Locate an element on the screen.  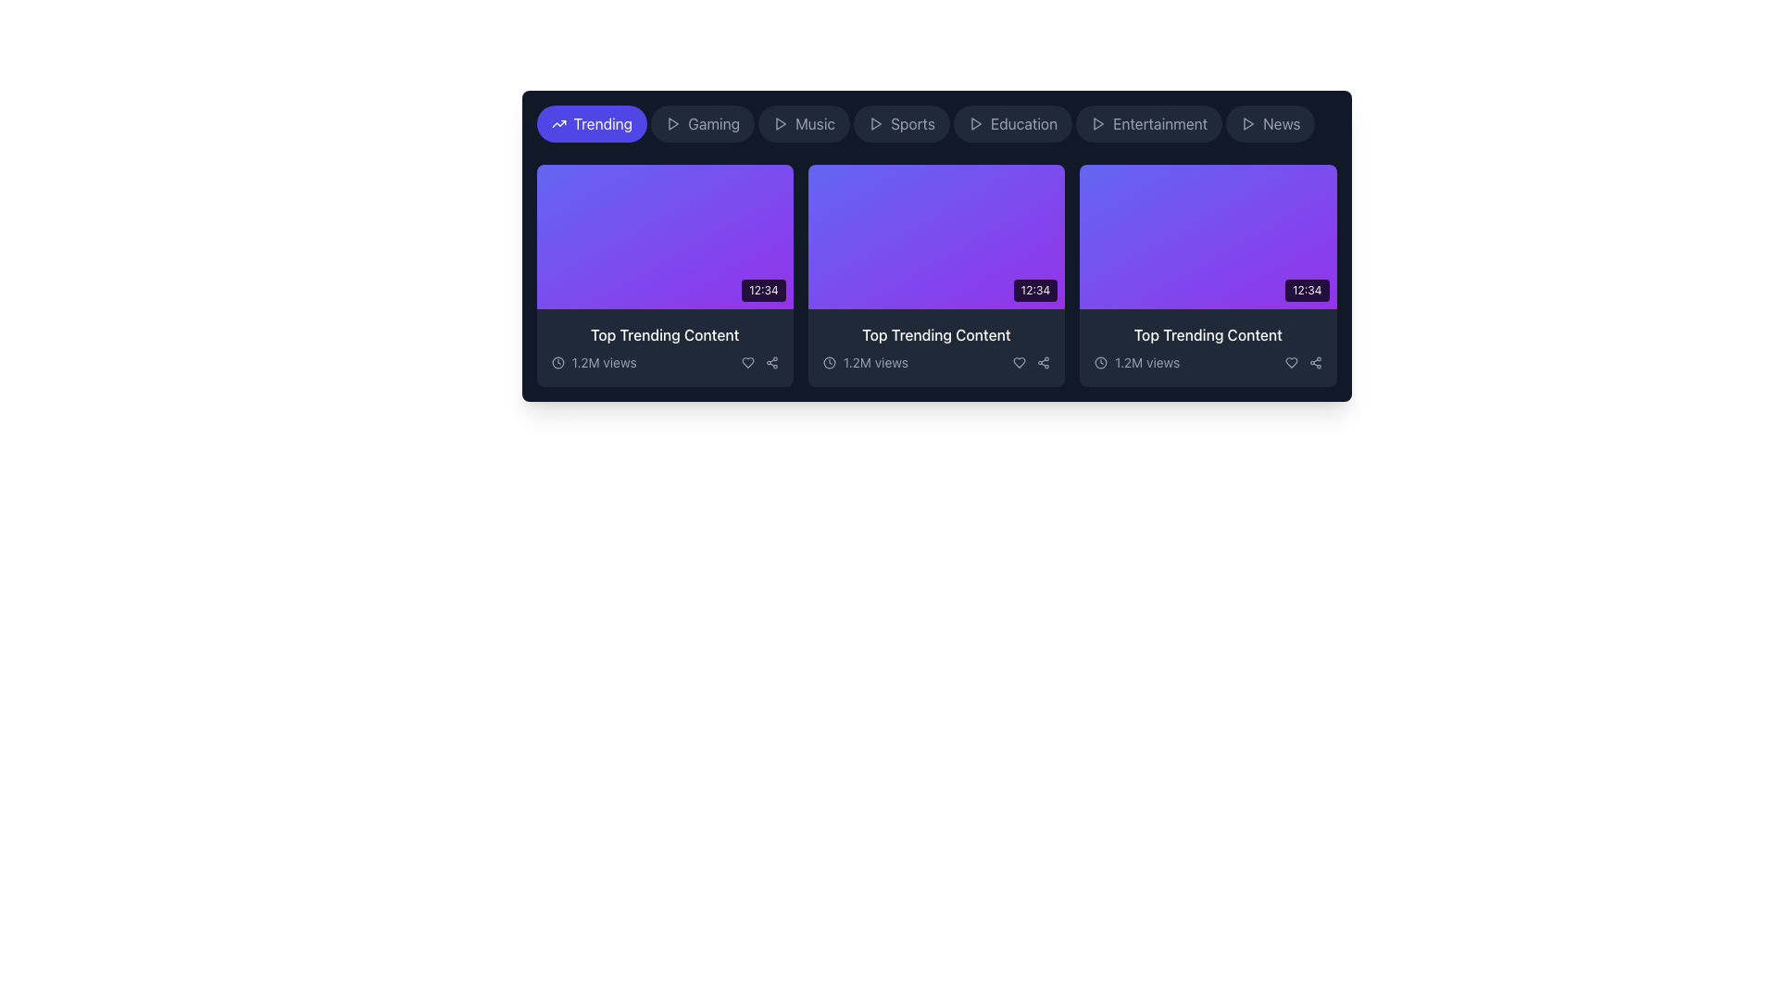
the heart-shaped icon located underneath the first content card in the row of trending content to like or unlike the content is located at coordinates (747, 362).